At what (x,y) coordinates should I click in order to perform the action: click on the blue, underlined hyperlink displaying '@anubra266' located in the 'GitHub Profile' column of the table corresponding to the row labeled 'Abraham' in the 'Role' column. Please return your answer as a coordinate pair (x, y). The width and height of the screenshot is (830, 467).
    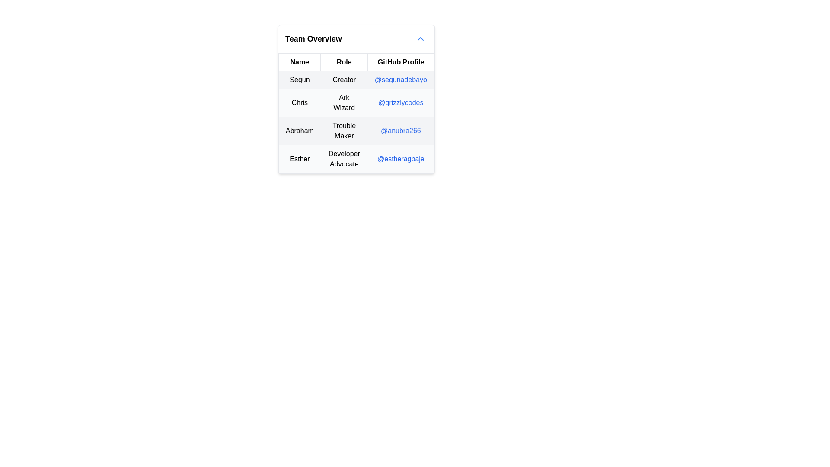
    Looking at the image, I should click on (400, 131).